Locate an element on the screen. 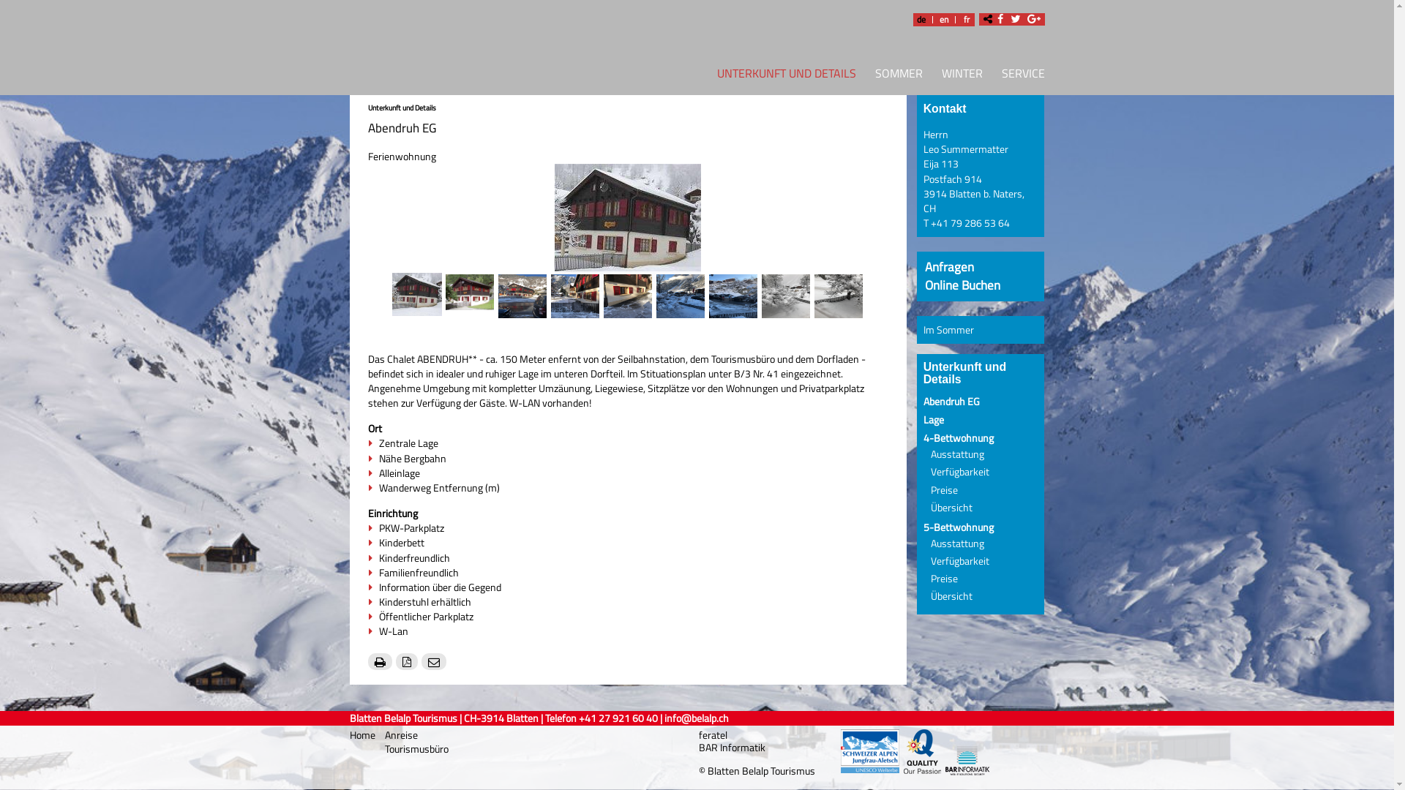 The height and width of the screenshot is (790, 1405). 'UNTERKUNFT UND DETAILS' is located at coordinates (781, 75).